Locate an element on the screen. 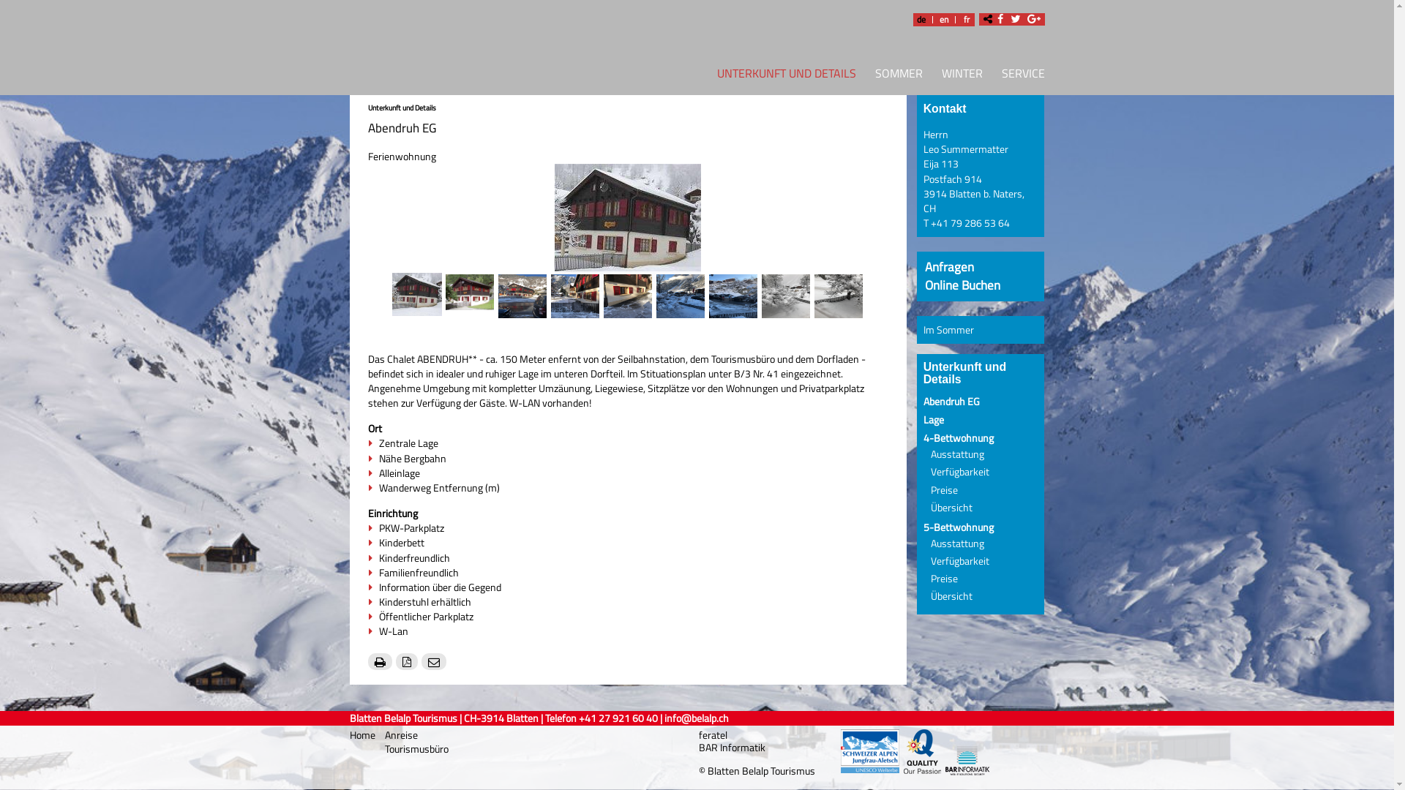 The height and width of the screenshot is (790, 1405). 'UNTERKUNFT UND DETAILS' is located at coordinates (781, 75).